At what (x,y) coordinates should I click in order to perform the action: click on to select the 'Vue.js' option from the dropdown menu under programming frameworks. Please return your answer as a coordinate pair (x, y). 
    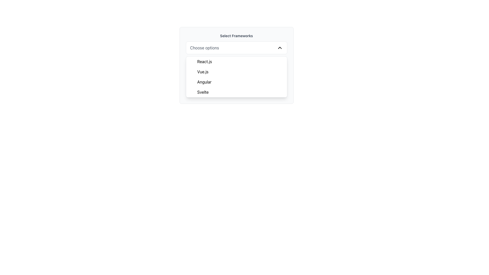
    Looking at the image, I should click on (236, 72).